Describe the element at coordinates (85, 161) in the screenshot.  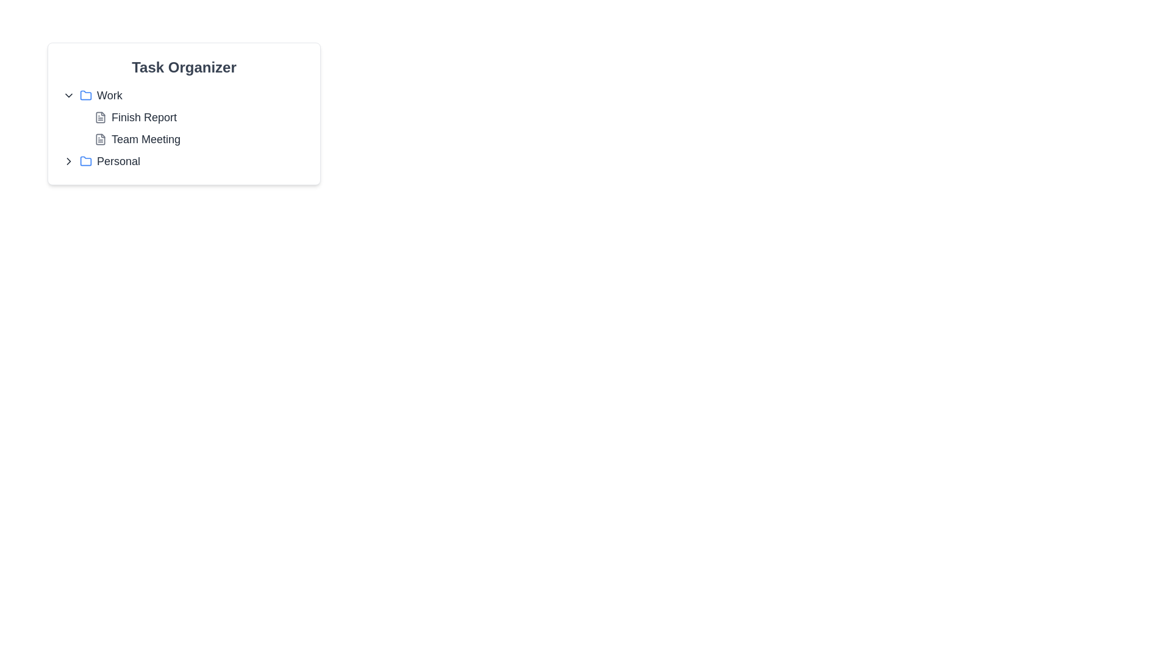
I see `the 'Personal' folder icon in the task organizer, which is located to the left of the 'Personal' text` at that location.